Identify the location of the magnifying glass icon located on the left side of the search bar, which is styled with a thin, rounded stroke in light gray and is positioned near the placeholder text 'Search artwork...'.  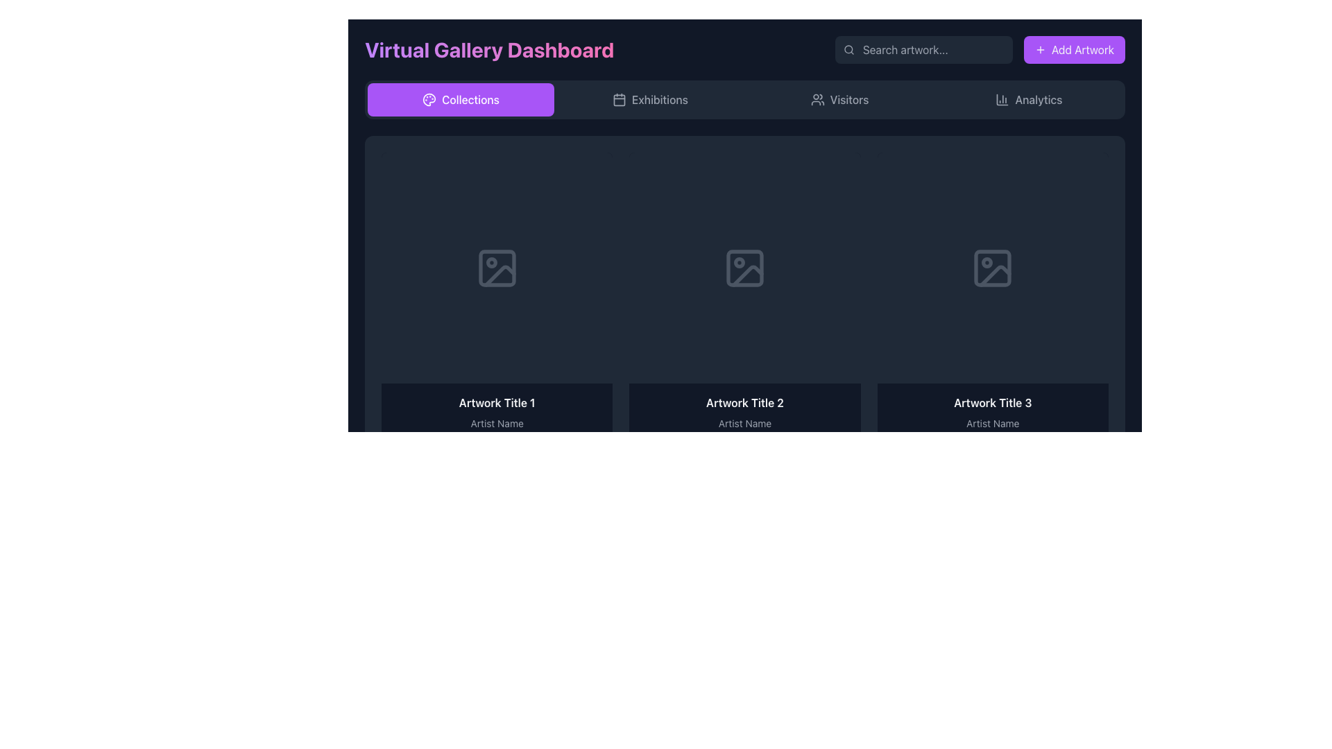
(848, 49).